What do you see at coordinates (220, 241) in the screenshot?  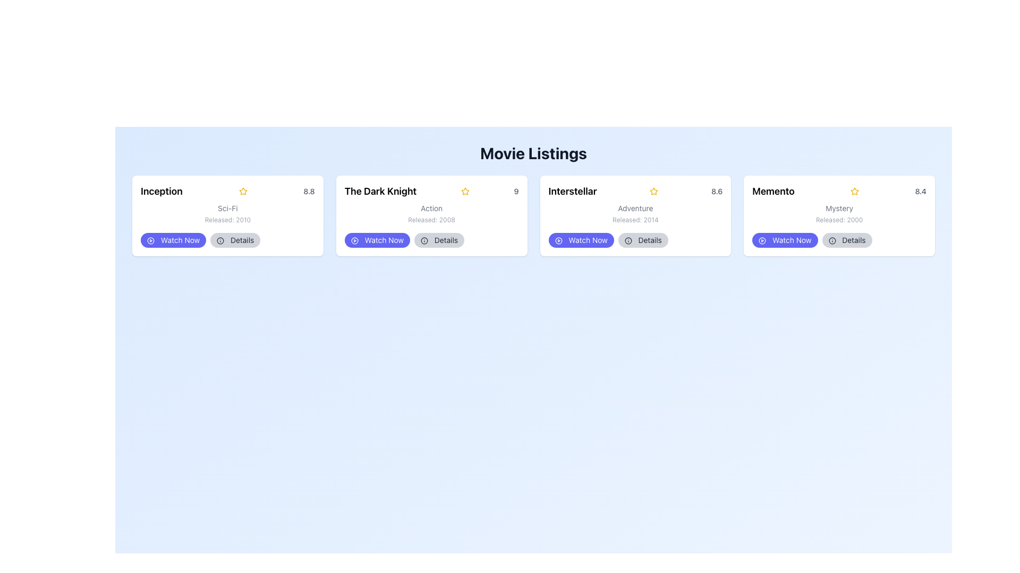 I see `the Icon located on the left of the 'Details' text in the first movie card at the top left corner of the layout` at bounding box center [220, 241].